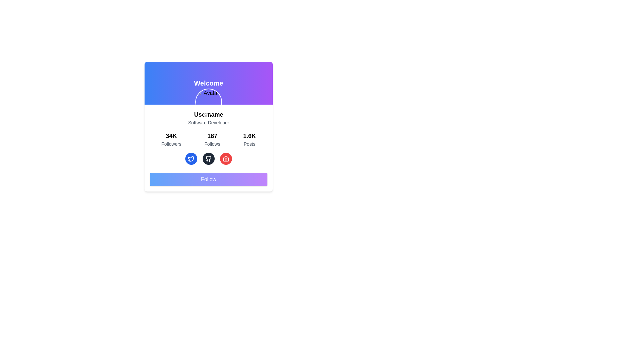 This screenshot has height=361, width=641. What do you see at coordinates (249, 136) in the screenshot?
I see `the text element that displays the count of posts associated with the profile, located in the bottom-right portion of the profile card view, before the 'Posts' label` at bounding box center [249, 136].